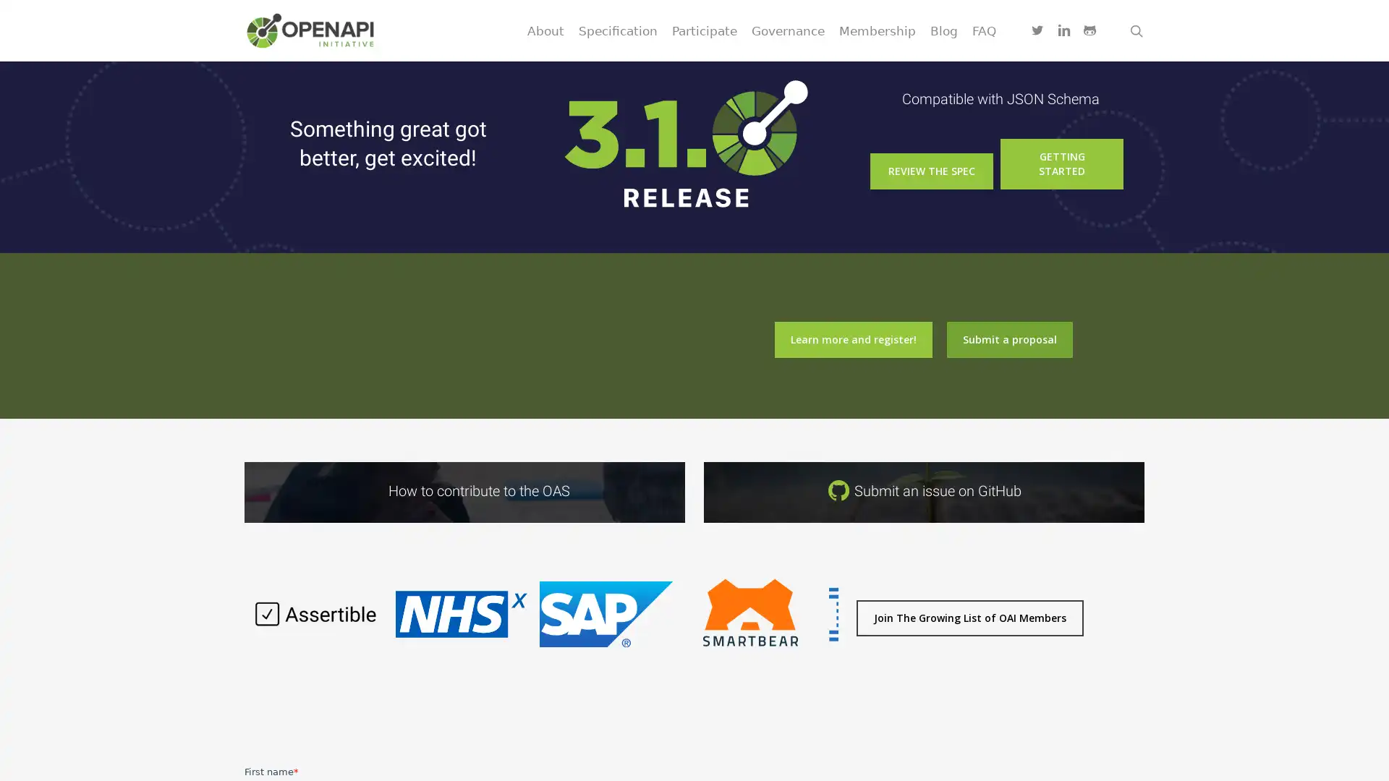  I want to click on Next, so click(846, 621).